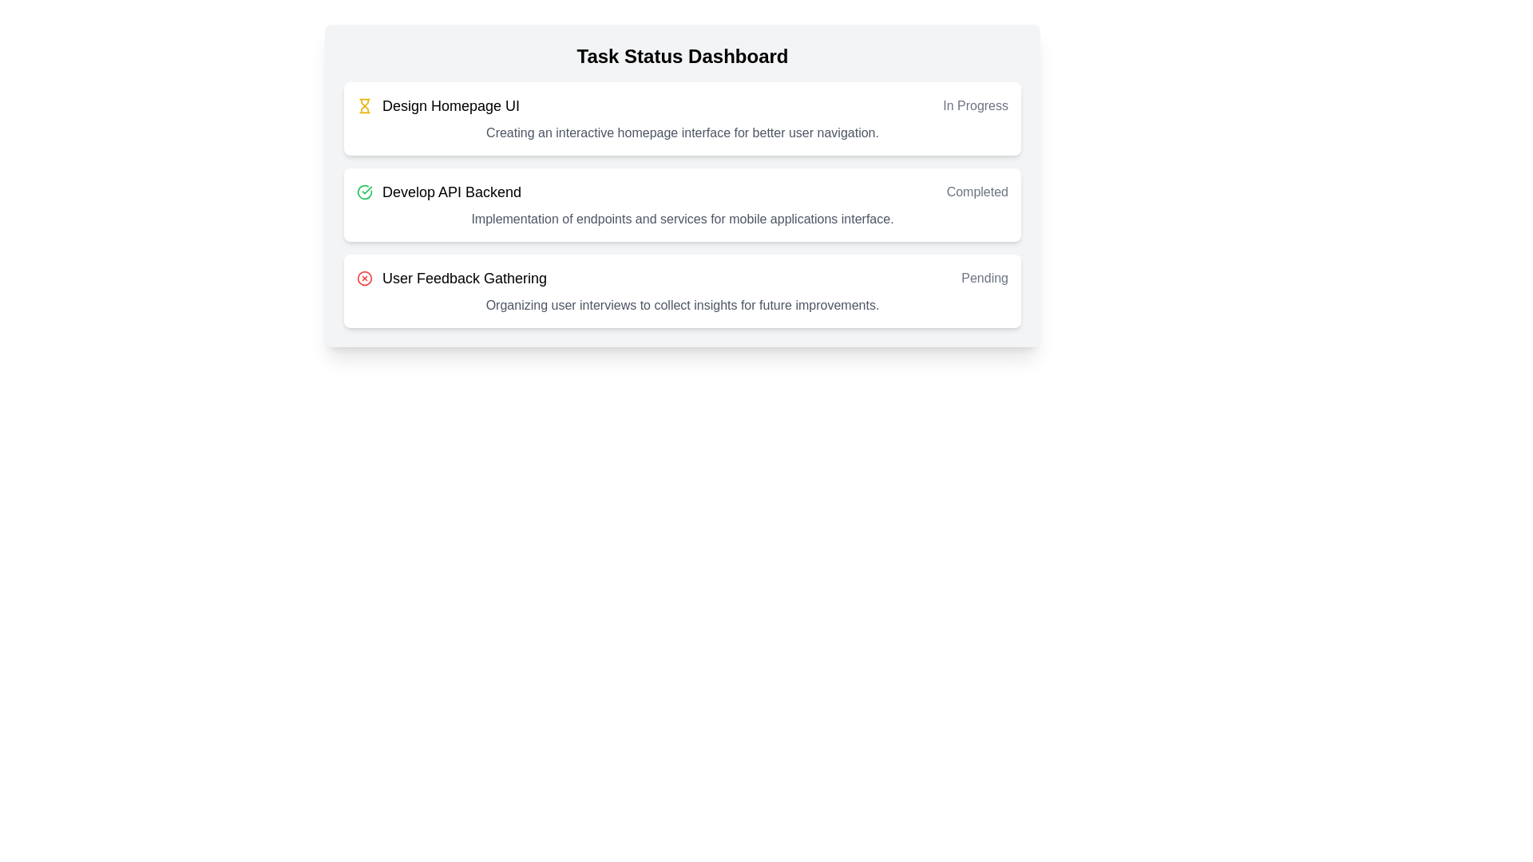  I want to click on the hourglass icon located on the left side of the 'Design Homepage UI' task row, so click(363, 105).